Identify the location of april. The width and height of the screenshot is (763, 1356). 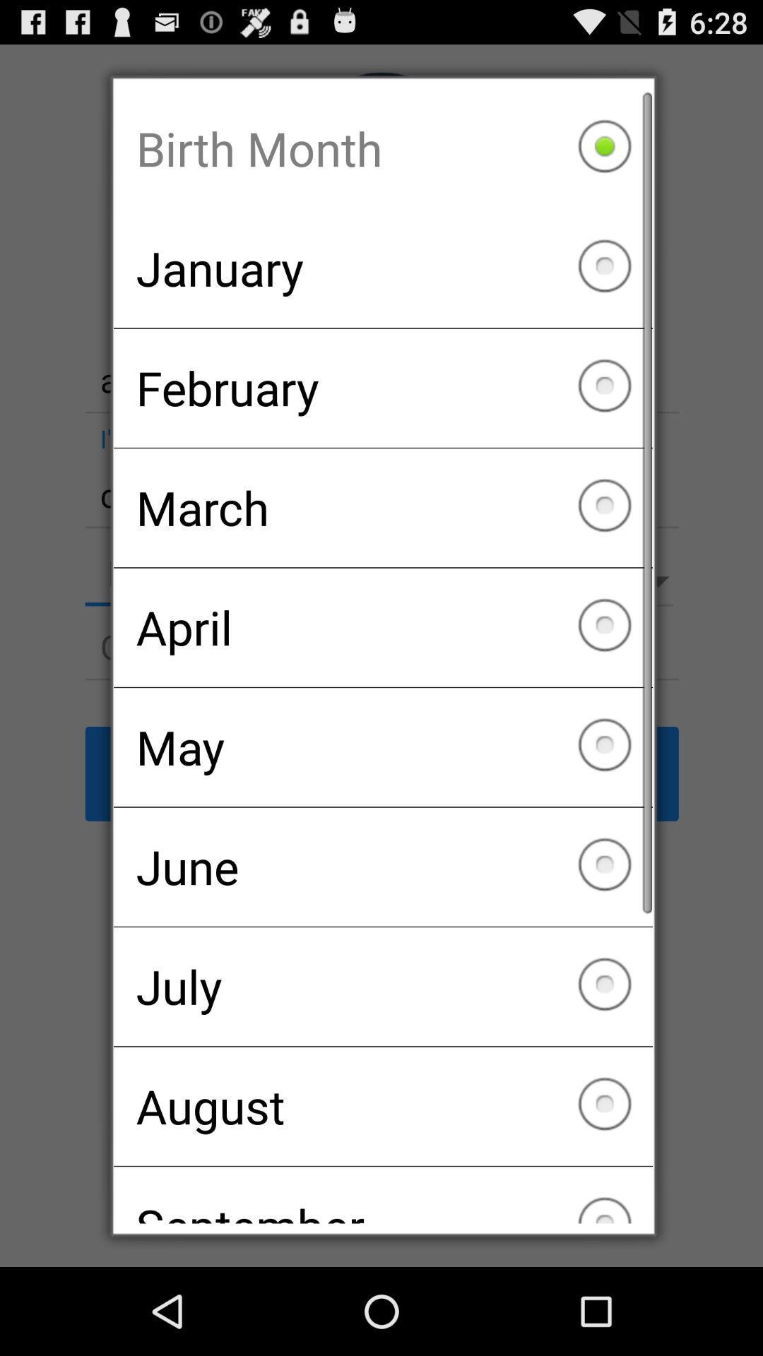
(383, 626).